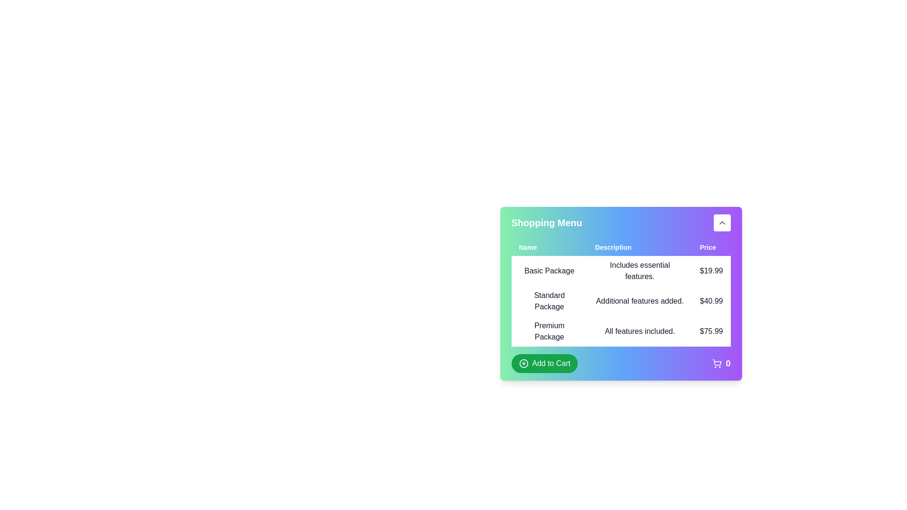  I want to click on cart item count displayed on the right side of the action bar located at the bottom of the shopping menu interface, so click(621, 363).